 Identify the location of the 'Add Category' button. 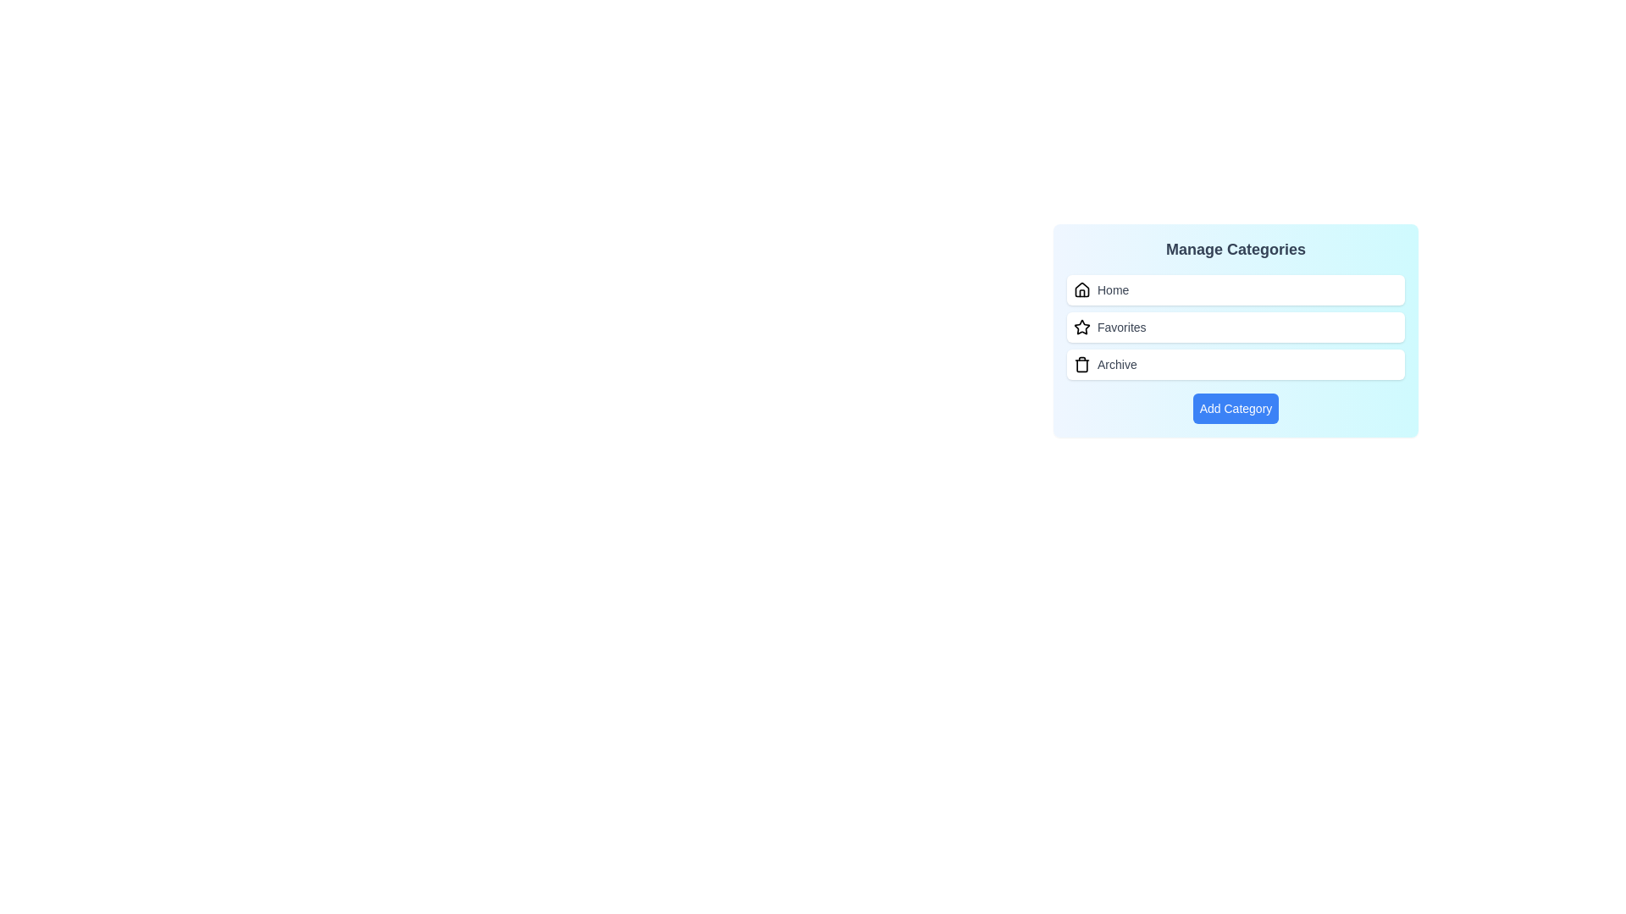
(1236, 408).